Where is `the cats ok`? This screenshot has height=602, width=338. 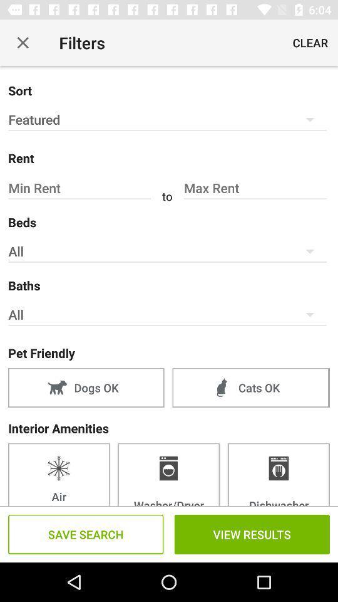
the cats ok is located at coordinates (250, 387).